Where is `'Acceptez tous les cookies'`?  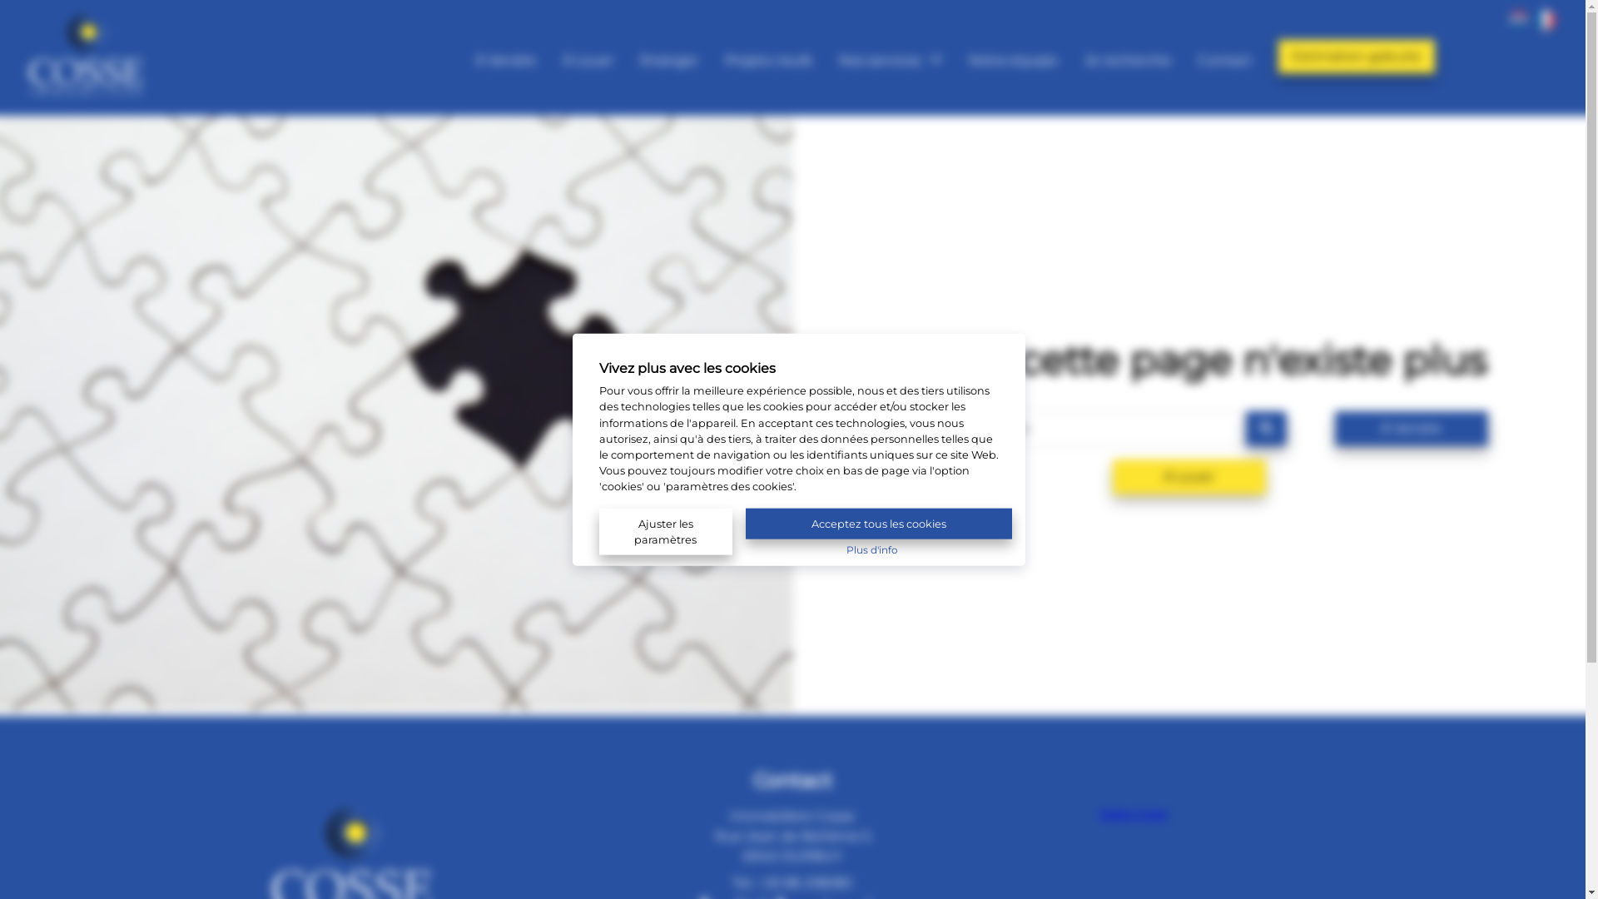 'Acceptez tous les cookies' is located at coordinates (878, 522).